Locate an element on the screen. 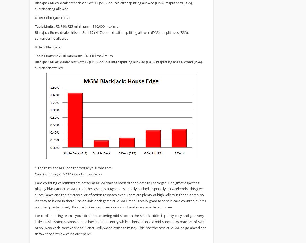 The height and width of the screenshot is (243, 306). '8 Deck Blackjack' is located at coordinates (34, 47).